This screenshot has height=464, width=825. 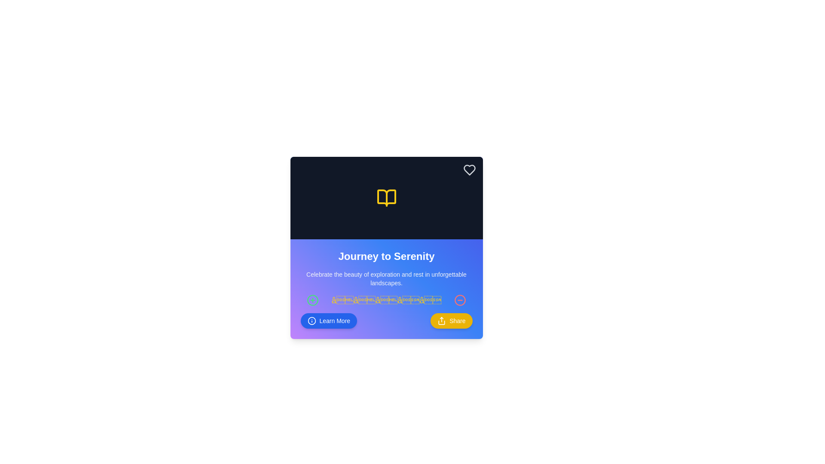 What do you see at coordinates (386, 278) in the screenshot?
I see `the descriptive tagline element located below the main title 'Journey to Serenity', which enhances the contextual appeal of the title` at bounding box center [386, 278].